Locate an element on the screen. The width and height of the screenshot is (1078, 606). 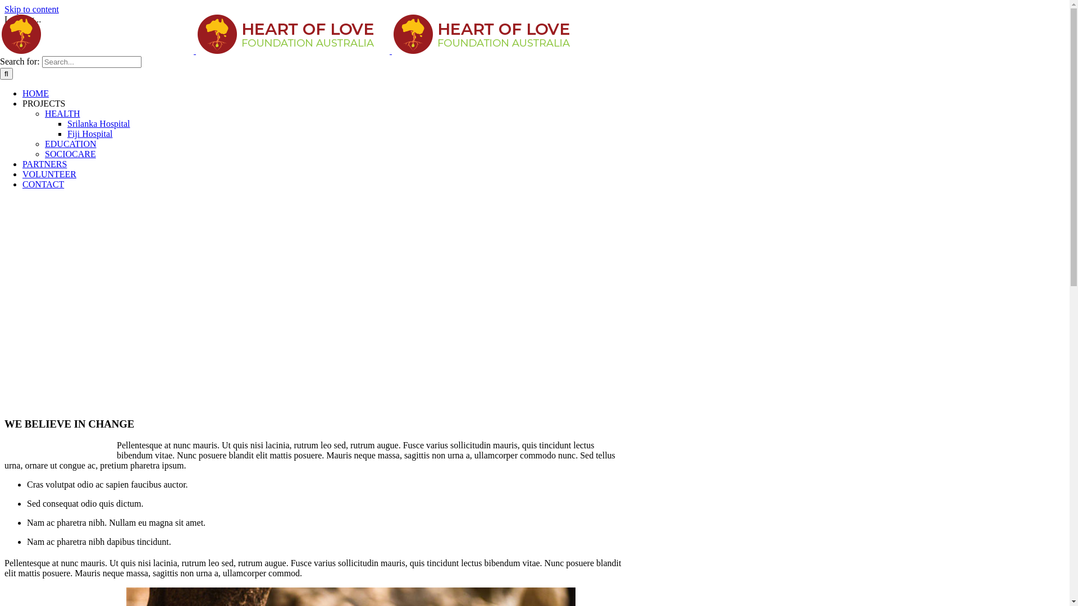
'PARTNERS' is located at coordinates (44, 164).